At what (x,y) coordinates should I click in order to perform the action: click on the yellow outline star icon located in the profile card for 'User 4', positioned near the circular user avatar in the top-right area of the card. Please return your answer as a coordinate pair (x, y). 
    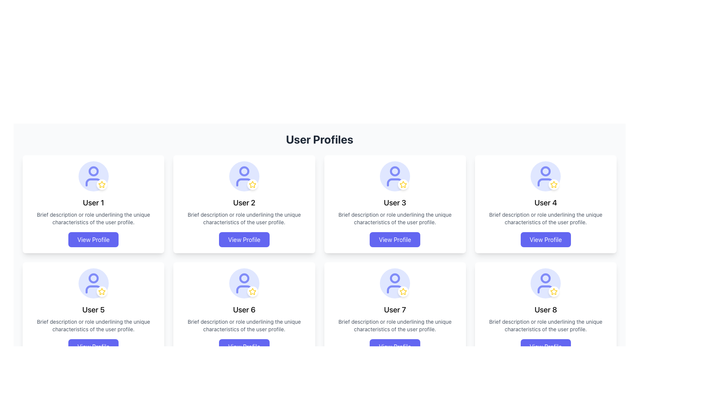
    Looking at the image, I should click on (554, 184).